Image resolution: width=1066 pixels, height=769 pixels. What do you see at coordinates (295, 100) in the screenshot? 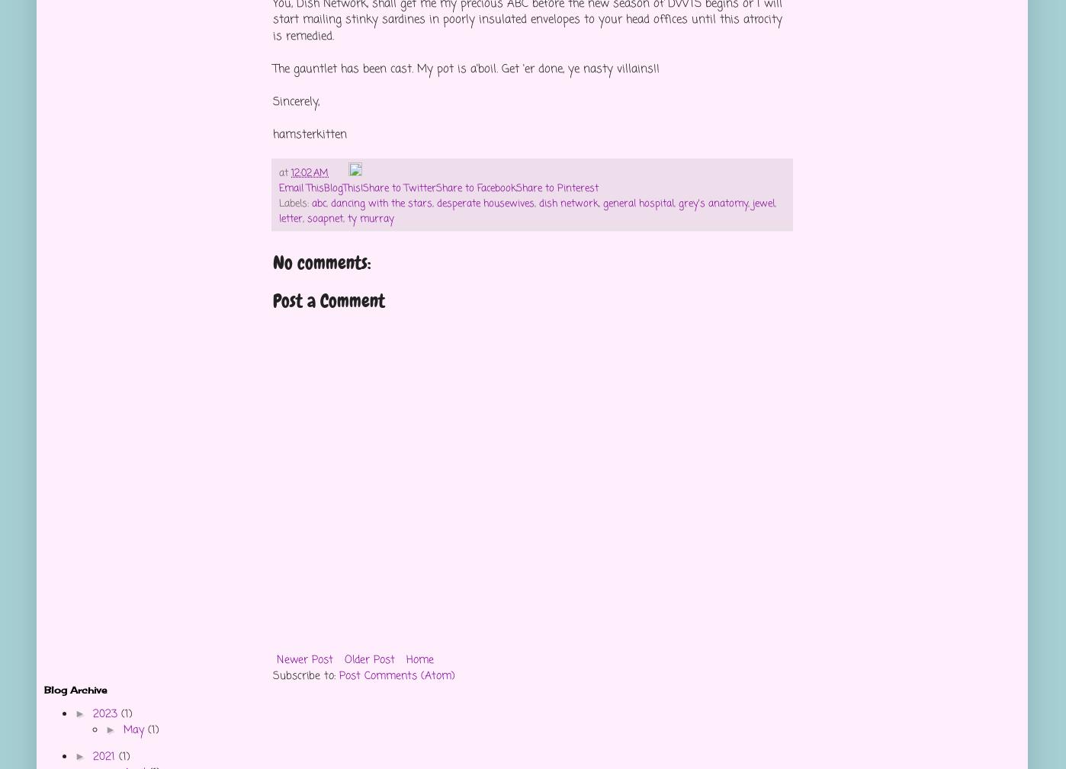
I see `'Sincerely,'` at bounding box center [295, 100].